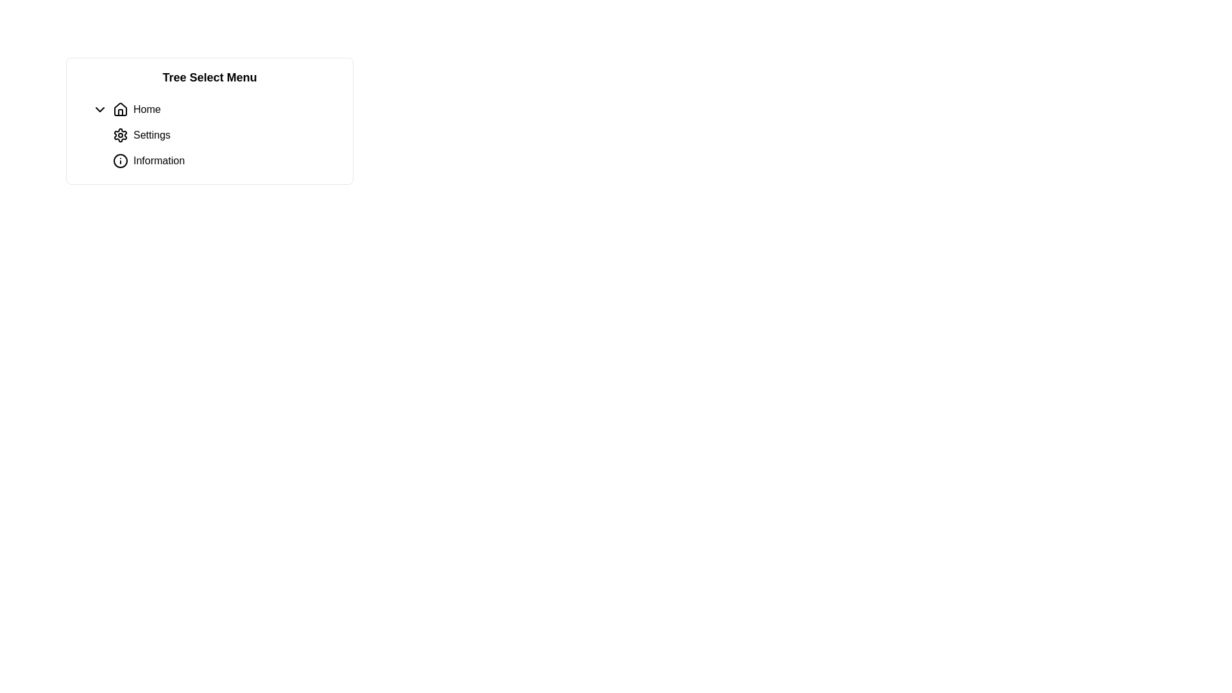 Image resolution: width=1232 pixels, height=693 pixels. I want to click on the second menu item labeled 'Information' within the 'Tree Select Menu', so click(225, 160).